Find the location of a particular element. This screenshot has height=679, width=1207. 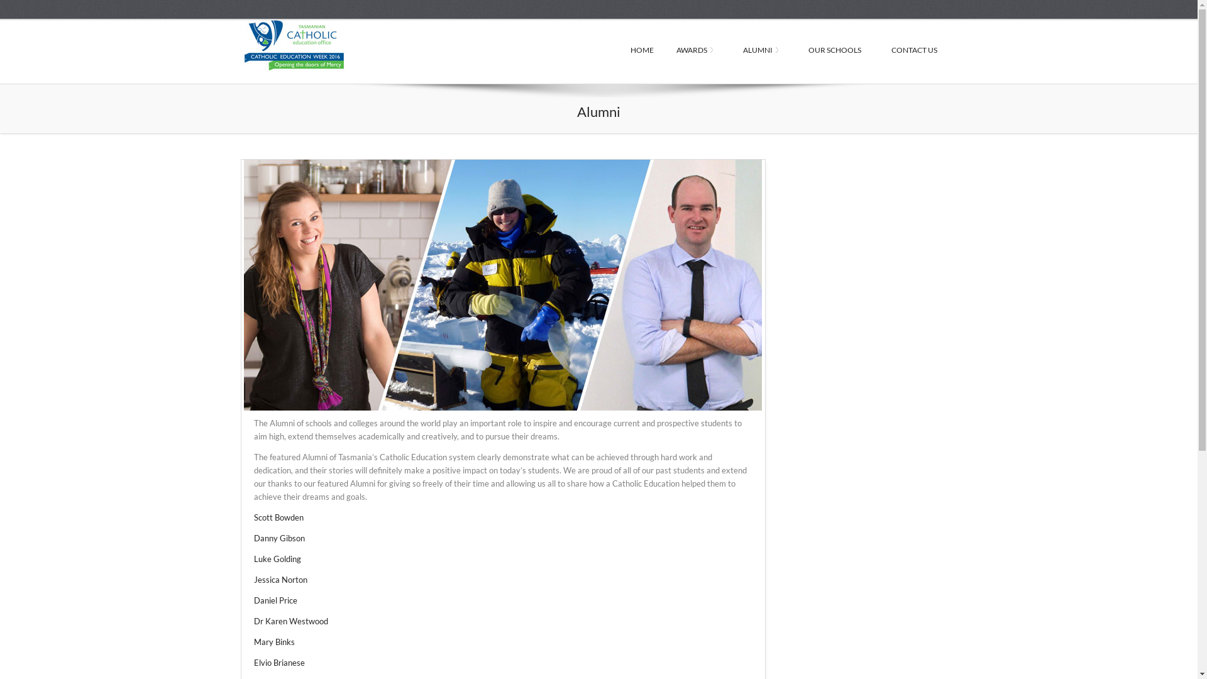

'Luke Golding' is located at coordinates (277, 558).